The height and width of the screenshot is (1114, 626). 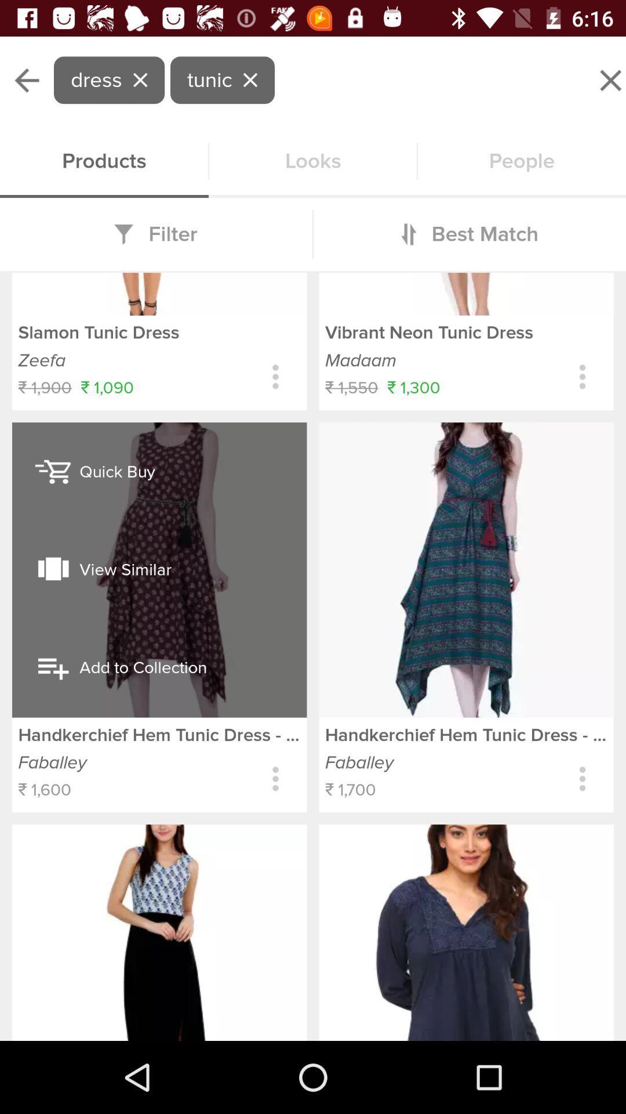 I want to click on more options, so click(x=583, y=779).